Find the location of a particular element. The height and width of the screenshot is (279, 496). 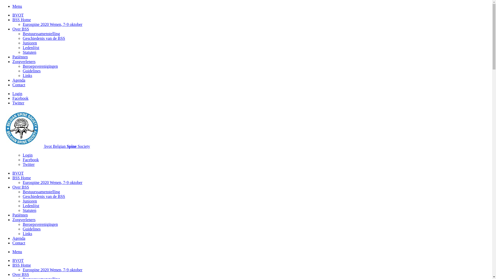

'BSS Home' is located at coordinates (21, 19).